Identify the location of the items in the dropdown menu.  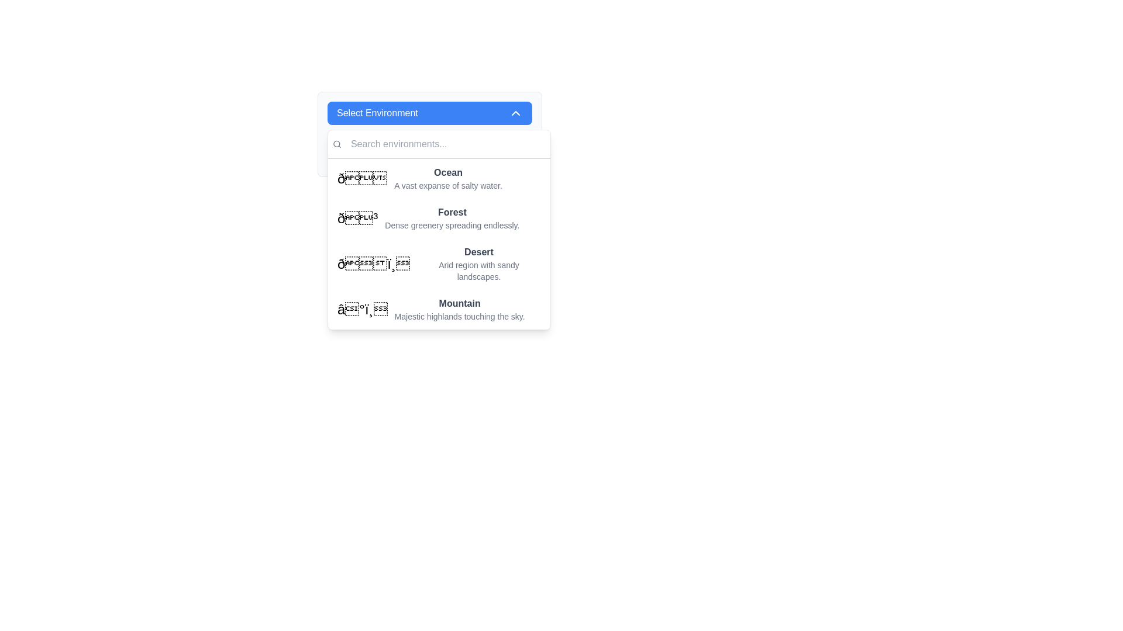
(438, 230).